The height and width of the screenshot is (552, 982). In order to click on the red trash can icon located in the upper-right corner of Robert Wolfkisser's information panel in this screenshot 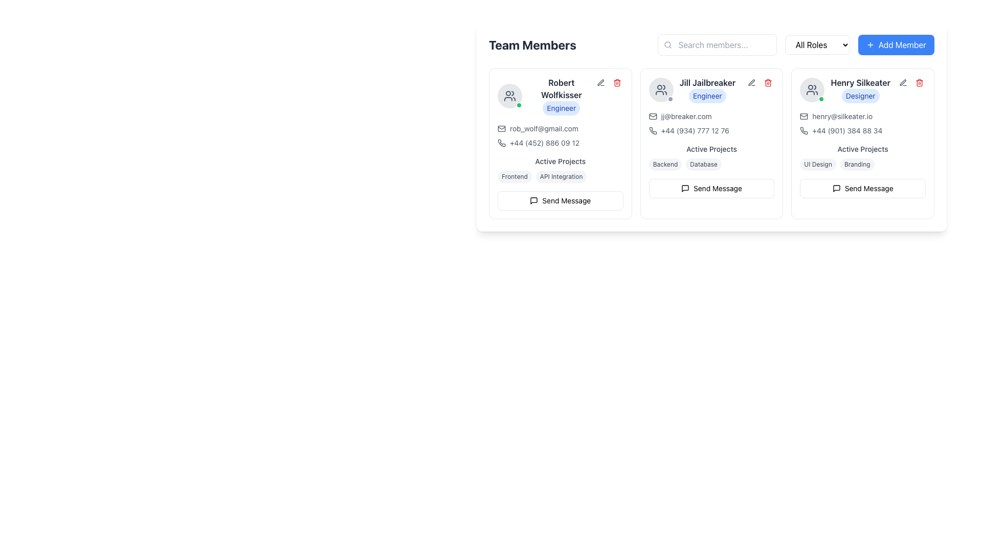, I will do `click(616, 83)`.